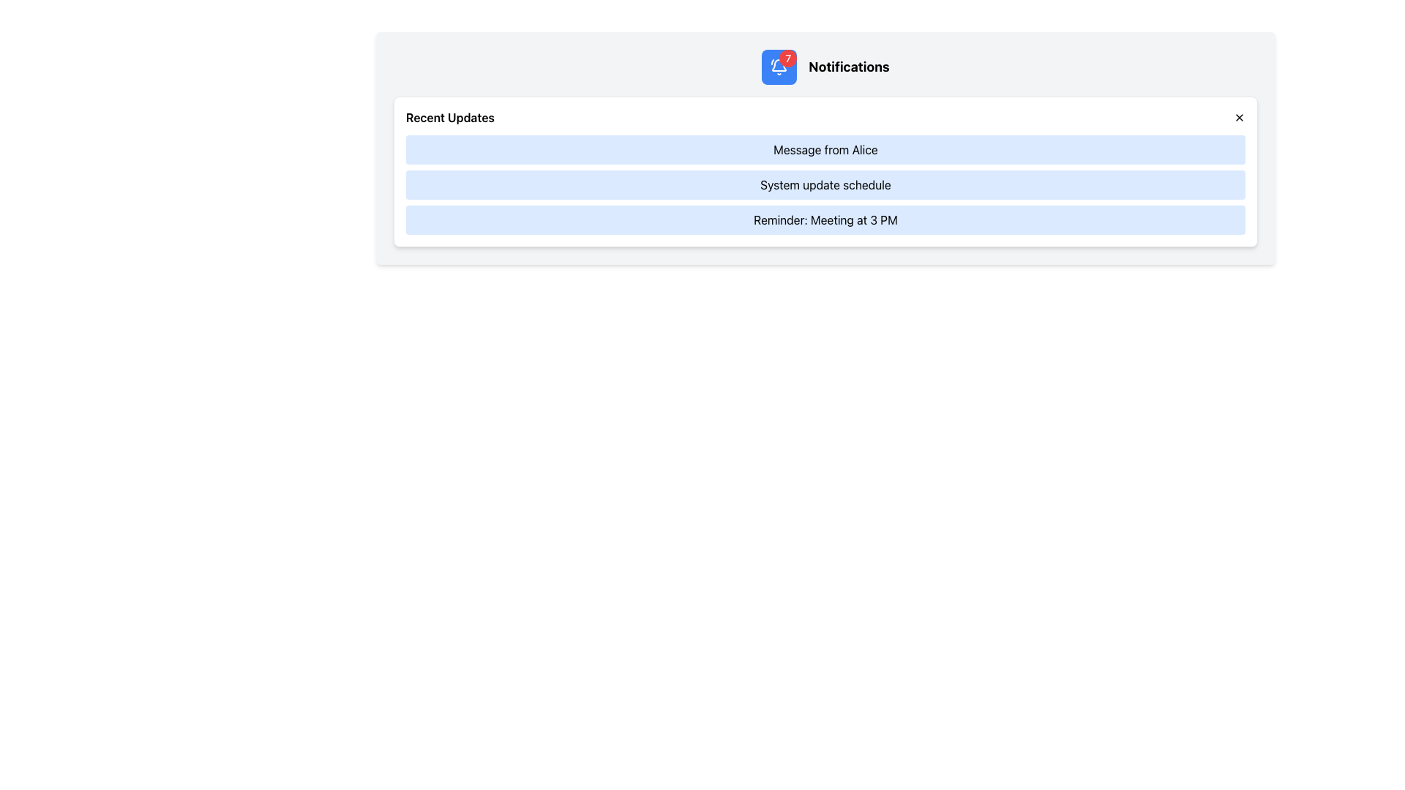  Describe the element at coordinates (1239, 117) in the screenshot. I see `the close button located in the top-right corner of the 'Recent Updates' section` at that location.